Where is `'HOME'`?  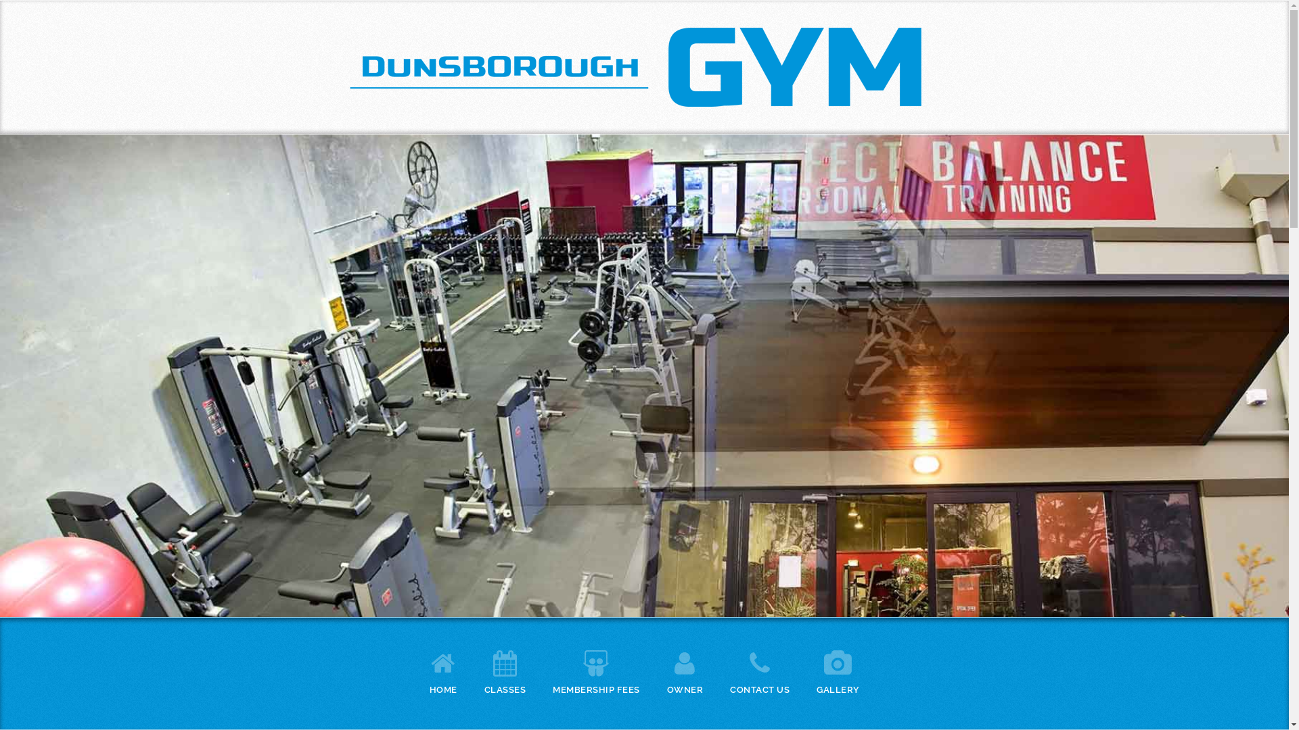 'HOME' is located at coordinates (442, 670).